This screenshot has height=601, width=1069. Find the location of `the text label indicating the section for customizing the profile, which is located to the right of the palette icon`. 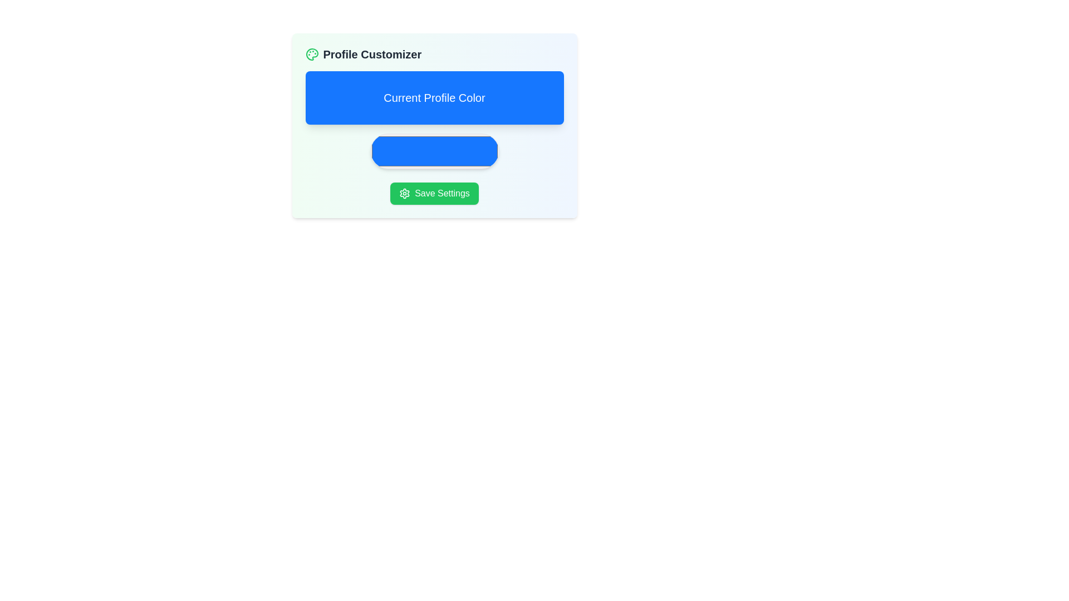

the text label indicating the section for customizing the profile, which is located to the right of the palette icon is located at coordinates (372, 54).